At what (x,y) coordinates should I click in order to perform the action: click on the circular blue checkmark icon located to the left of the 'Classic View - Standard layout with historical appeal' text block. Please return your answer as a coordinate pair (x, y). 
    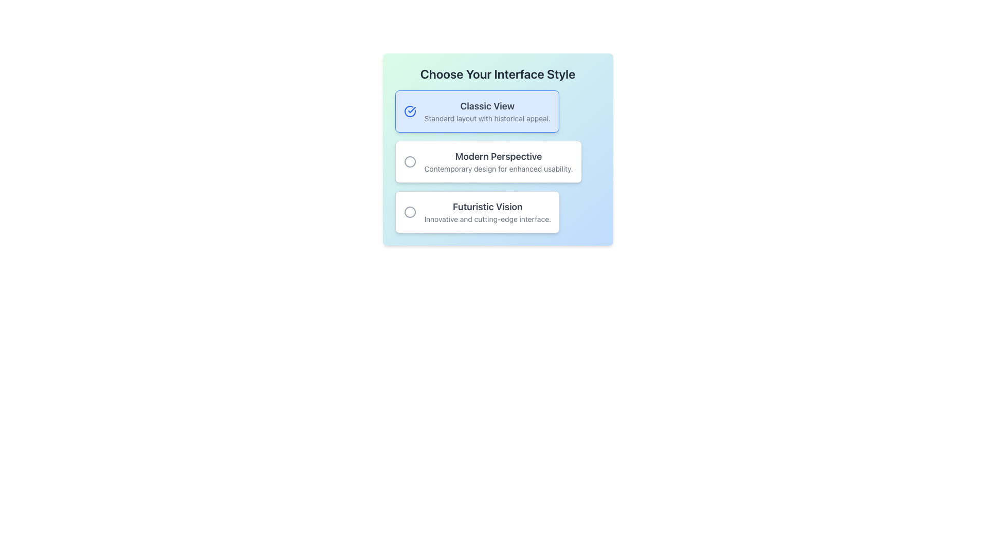
    Looking at the image, I should click on (409, 111).